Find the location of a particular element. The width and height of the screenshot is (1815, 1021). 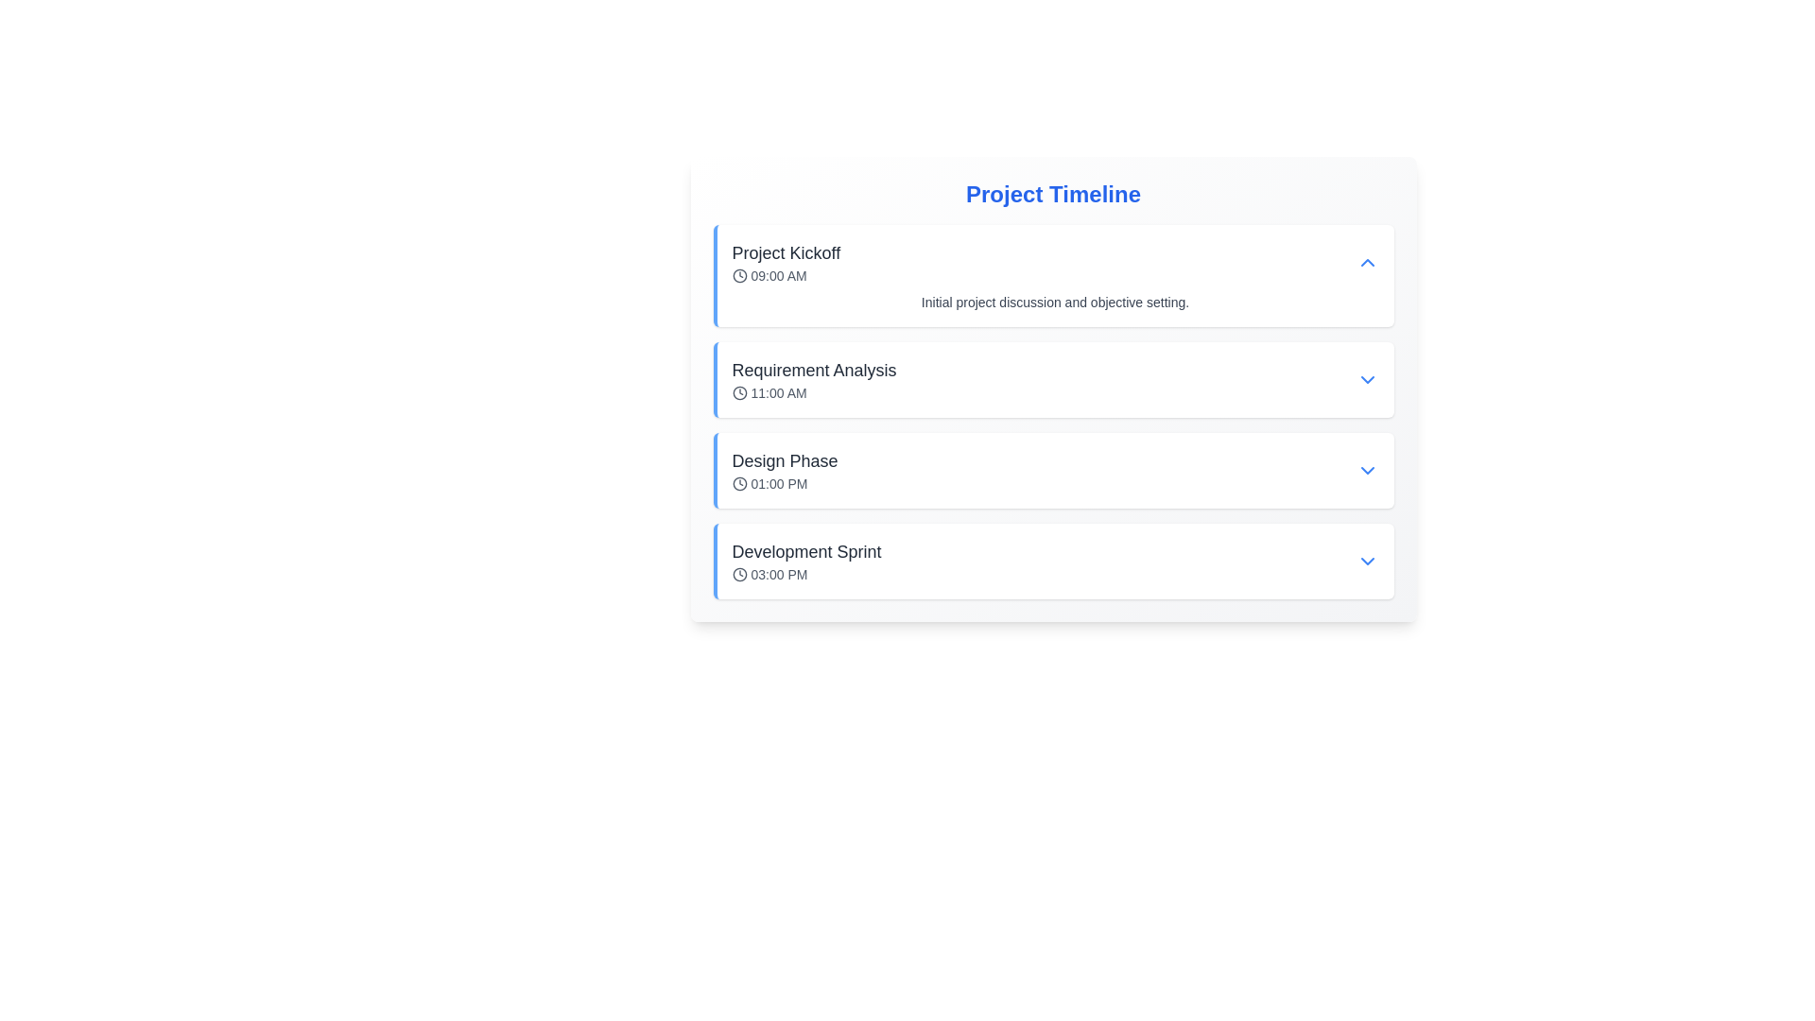

the third Collapsible timeline item in the 'Project Timeline' section is located at coordinates (1052, 469).